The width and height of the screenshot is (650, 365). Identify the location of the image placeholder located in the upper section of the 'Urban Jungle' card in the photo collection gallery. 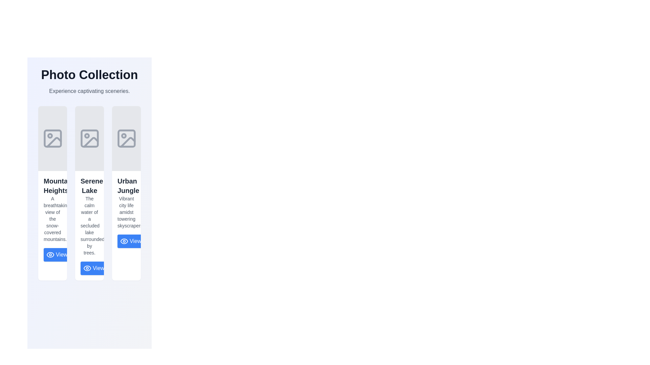
(126, 138).